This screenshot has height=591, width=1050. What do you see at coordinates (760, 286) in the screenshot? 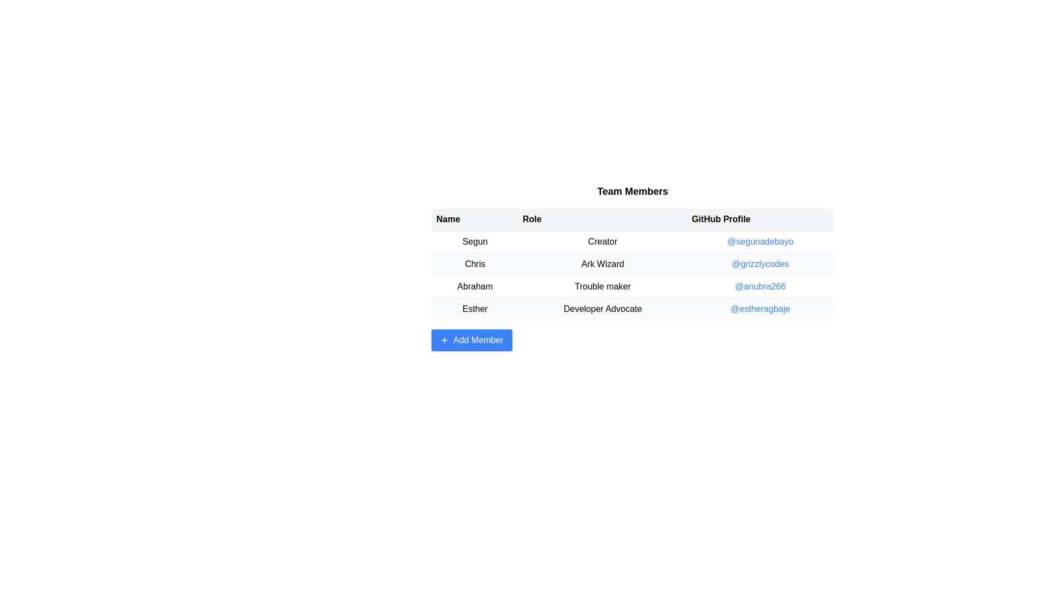
I see `the hyperlink text link for '@anubra266' in the GitHub Profile column` at bounding box center [760, 286].